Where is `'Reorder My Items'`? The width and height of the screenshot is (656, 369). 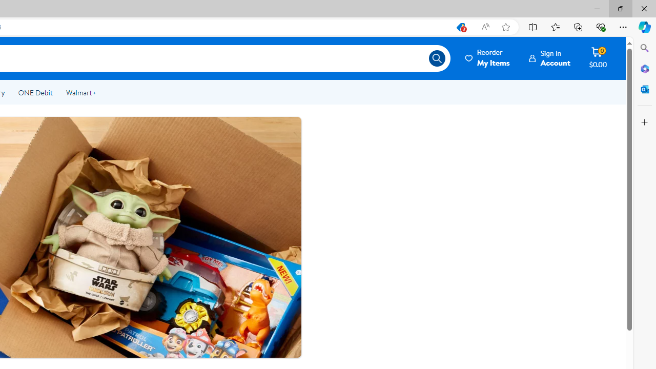
'Reorder My Items' is located at coordinates (487, 58).